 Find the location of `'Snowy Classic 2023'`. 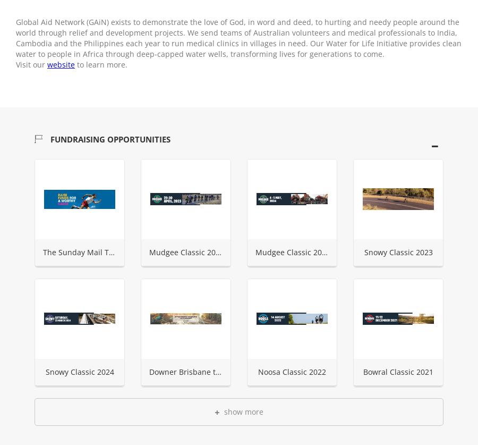

'Snowy Classic 2023' is located at coordinates (363, 251).